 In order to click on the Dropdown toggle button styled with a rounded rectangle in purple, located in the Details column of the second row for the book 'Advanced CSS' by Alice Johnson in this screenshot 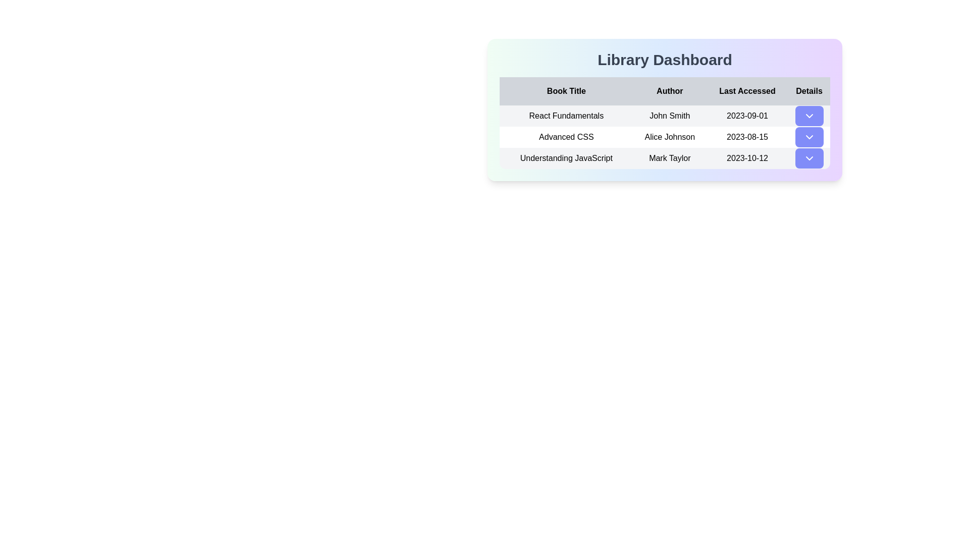, I will do `click(809, 137)`.